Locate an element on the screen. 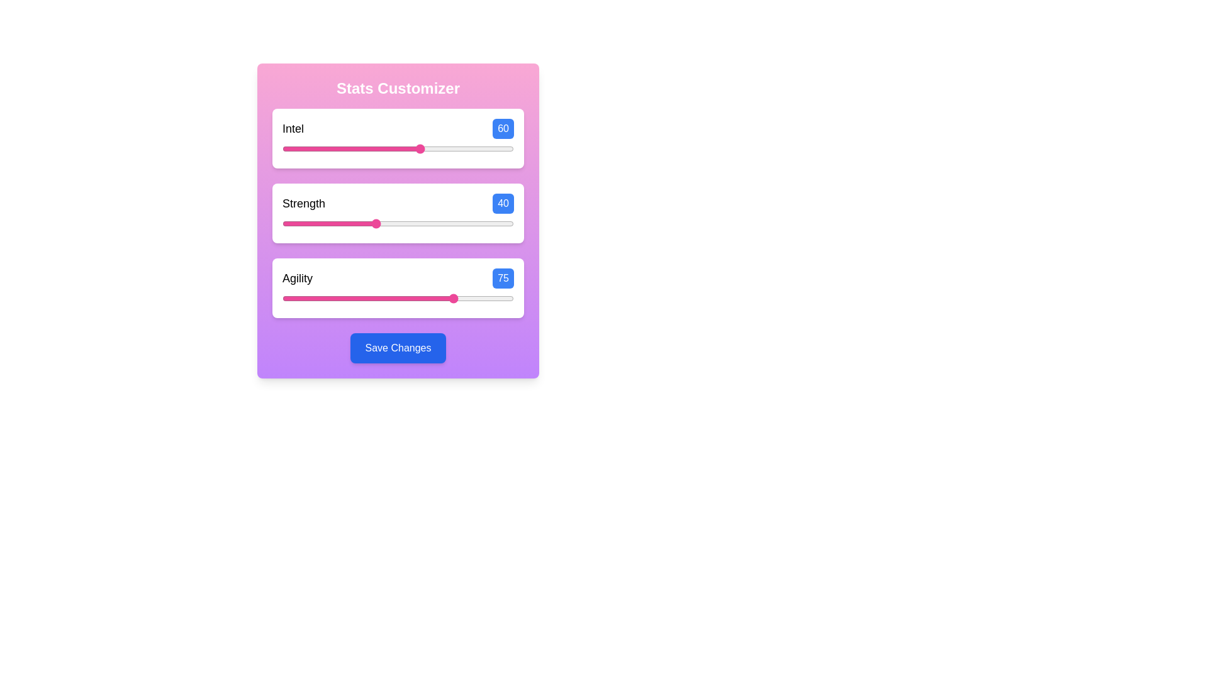 The width and height of the screenshot is (1208, 679). the slider is located at coordinates (435, 148).